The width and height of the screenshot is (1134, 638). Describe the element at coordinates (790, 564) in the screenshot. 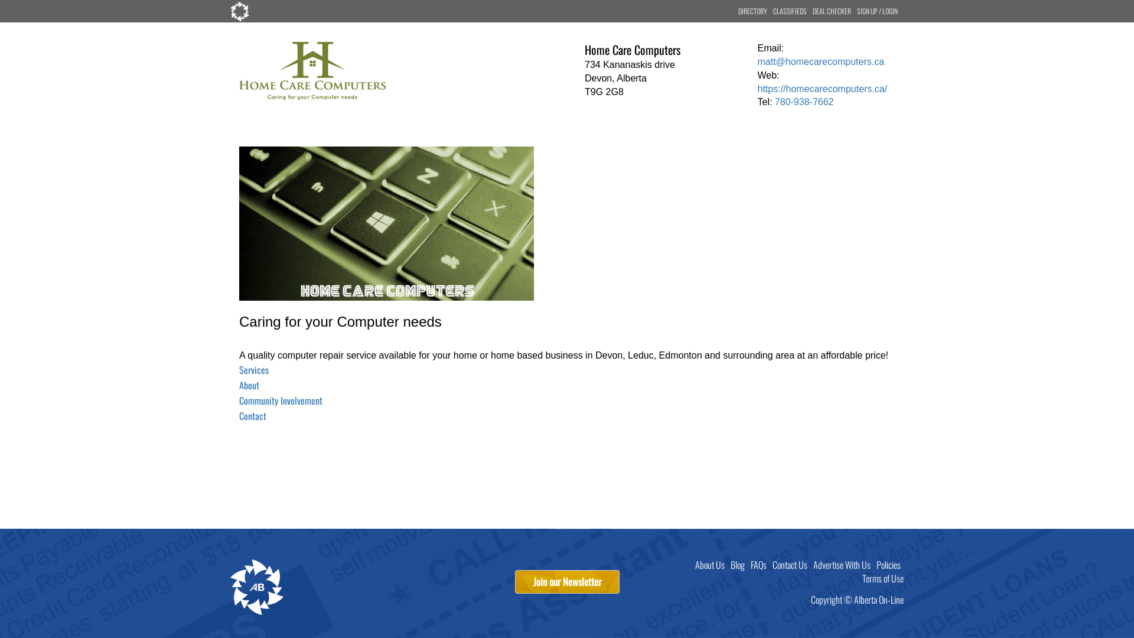

I see `'Contact Us'` at that location.